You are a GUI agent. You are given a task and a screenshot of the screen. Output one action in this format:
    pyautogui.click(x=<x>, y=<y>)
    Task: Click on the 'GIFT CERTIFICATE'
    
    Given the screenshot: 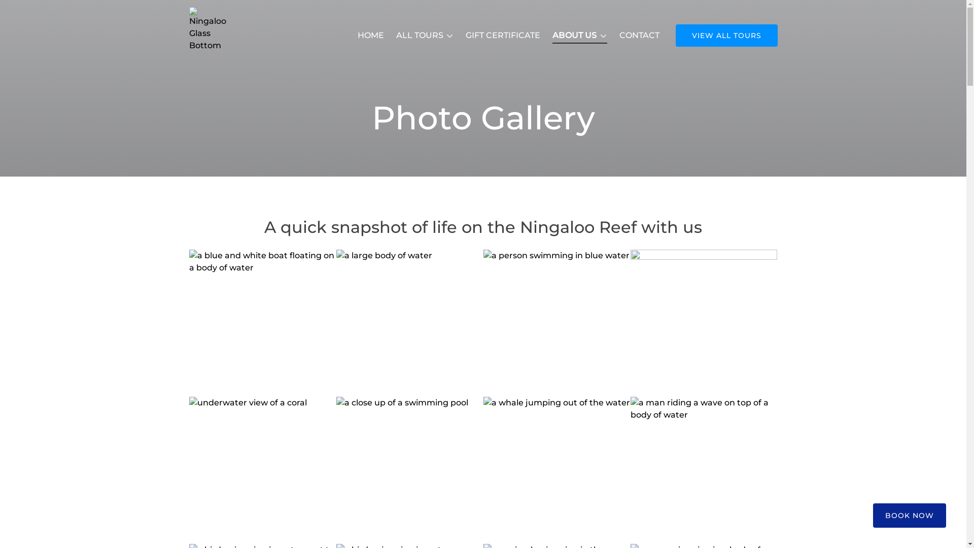 What is the action you would take?
    pyautogui.click(x=503, y=35)
    